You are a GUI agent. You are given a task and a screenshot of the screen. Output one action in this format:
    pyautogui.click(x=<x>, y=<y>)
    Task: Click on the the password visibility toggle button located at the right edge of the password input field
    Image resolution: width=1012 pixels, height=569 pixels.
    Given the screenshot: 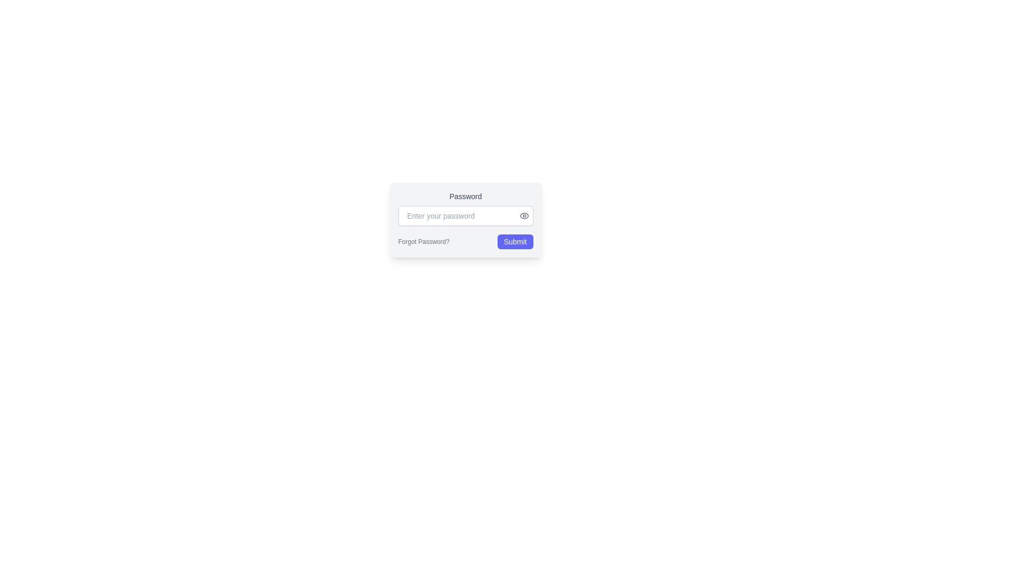 What is the action you would take?
    pyautogui.click(x=526, y=215)
    